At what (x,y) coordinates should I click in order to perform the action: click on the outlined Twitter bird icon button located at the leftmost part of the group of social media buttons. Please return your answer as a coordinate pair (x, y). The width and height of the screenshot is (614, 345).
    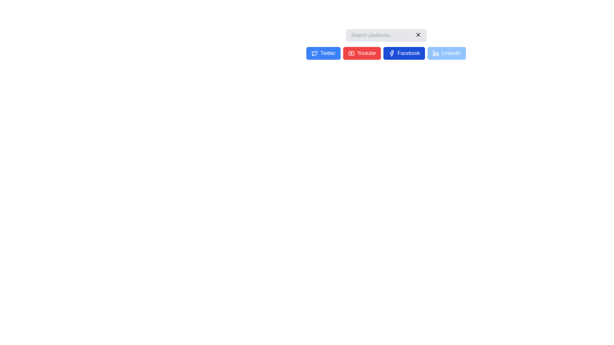
    Looking at the image, I should click on (314, 53).